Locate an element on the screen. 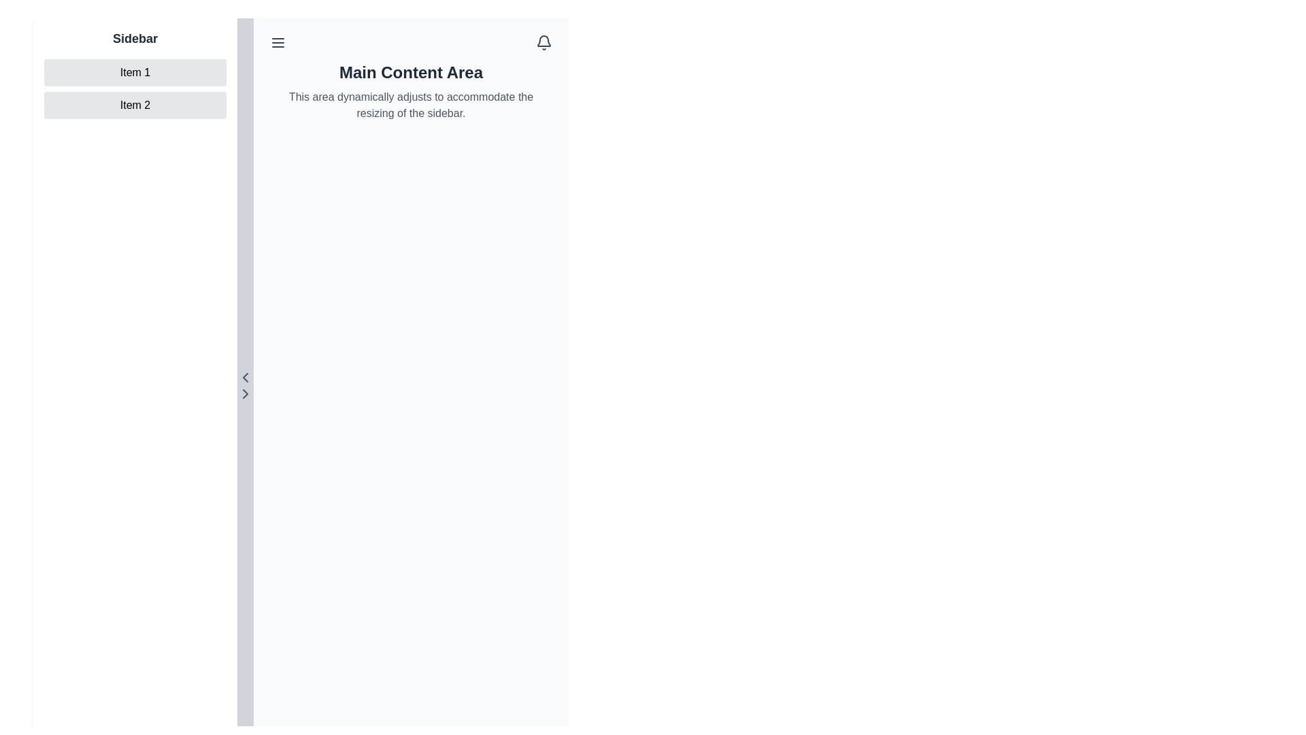  the gray bell icon located at the top-right corner of the main content area is located at coordinates (544, 42).